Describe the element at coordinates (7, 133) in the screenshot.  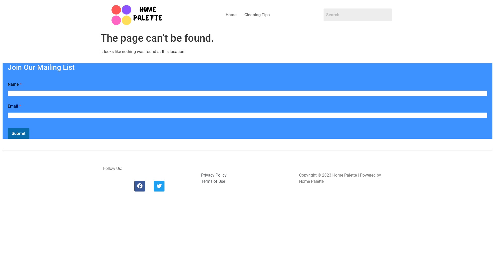
I see `'Submit'` at that location.